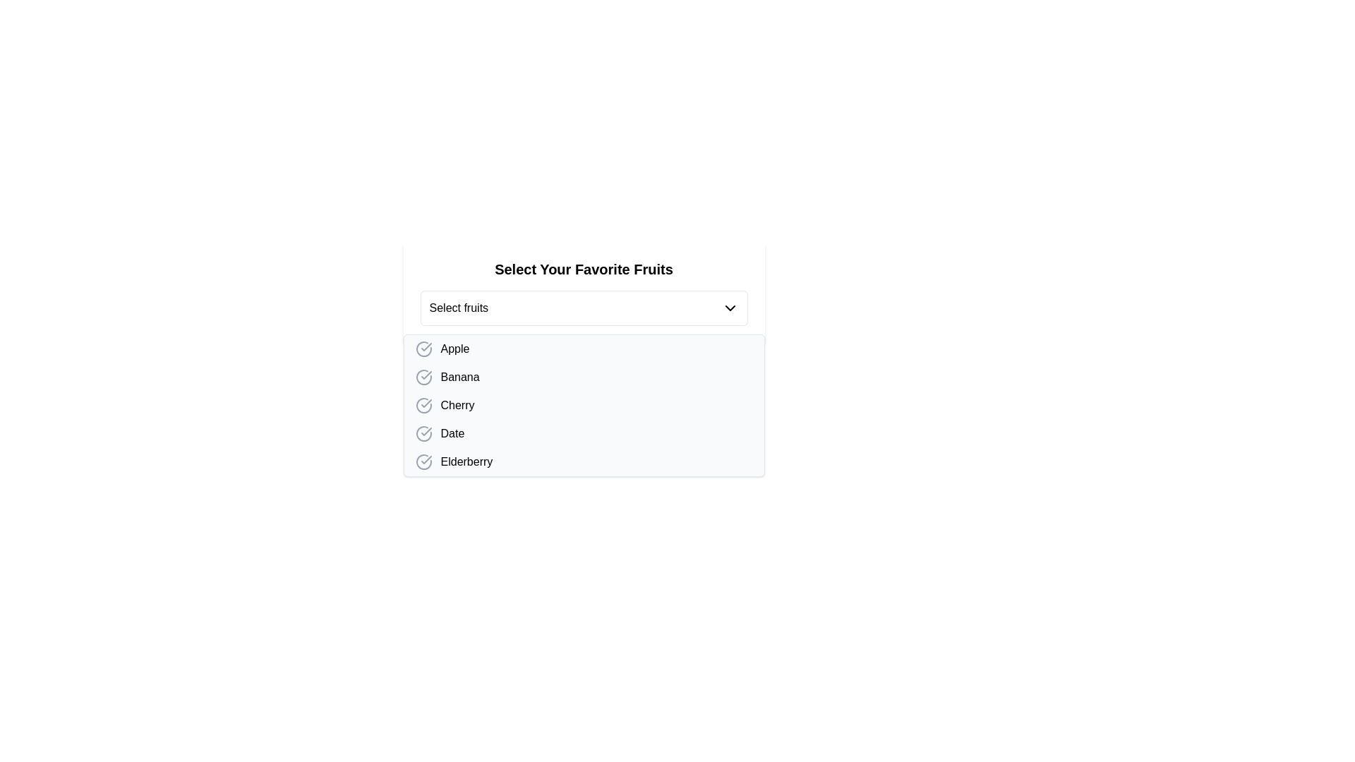 Image resolution: width=1355 pixels, height=762 pixels. What do you see at coordinates (426, 459) in the screenshot?
I see `the checkmark indicator within the circular SVG graphic adjacent to the label 'Date' in the list of fruits` at bounding box center [426, 459].